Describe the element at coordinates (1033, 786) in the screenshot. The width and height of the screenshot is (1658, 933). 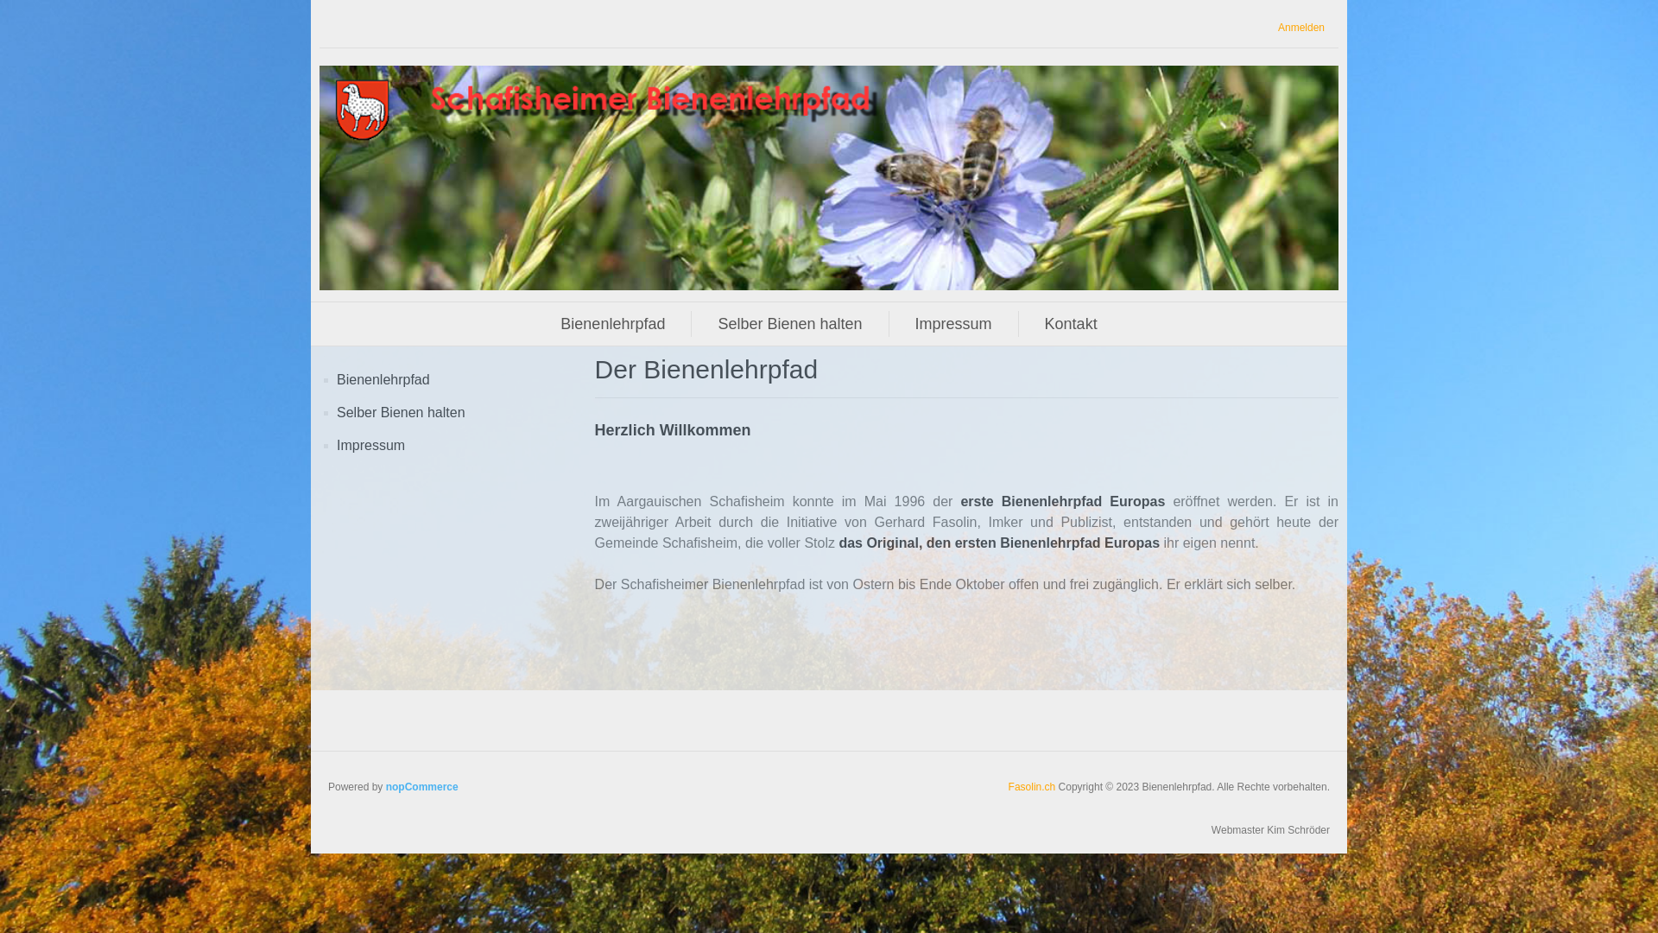
I see `'Fasolin.ch '` at that location.